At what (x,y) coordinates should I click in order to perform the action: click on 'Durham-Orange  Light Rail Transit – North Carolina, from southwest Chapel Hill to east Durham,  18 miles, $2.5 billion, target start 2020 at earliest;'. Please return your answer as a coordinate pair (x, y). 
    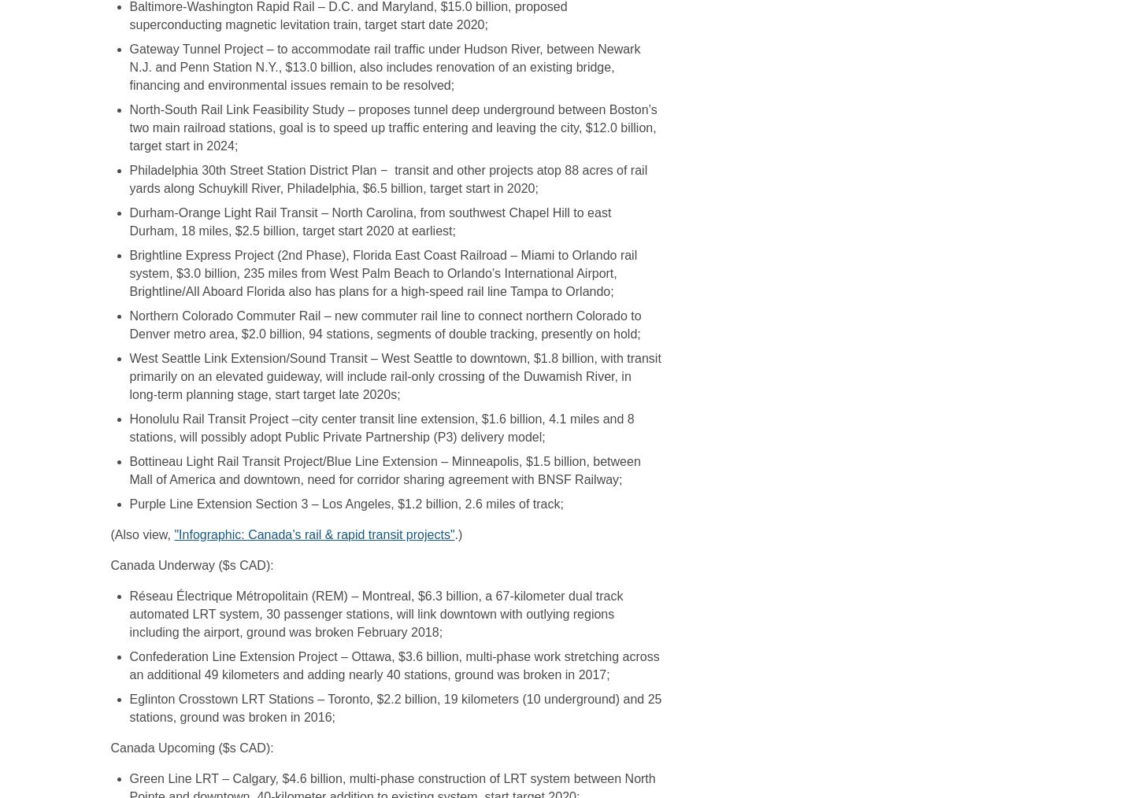
    Looking at the image, I should click on (370, 221).